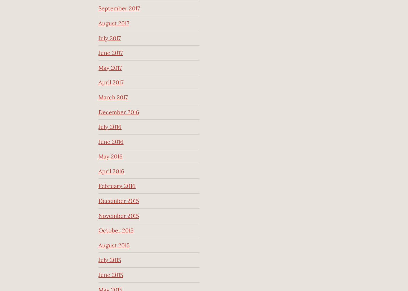 This screenshot has height=291, width=408. I want to click on 'June 2017', so click(98, 53).